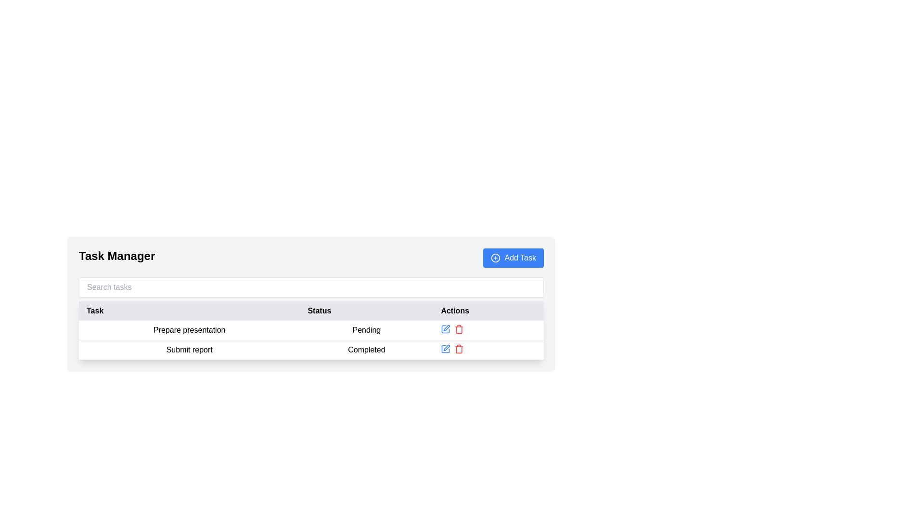 Image resolution: width=924 pixels, height=520 pixels. What do you see at coordinates (311, 350) in the screenshot?
I see `the task entry in the second row of the table that displays its status as 'Completed'` at bounding box center [311, 350].